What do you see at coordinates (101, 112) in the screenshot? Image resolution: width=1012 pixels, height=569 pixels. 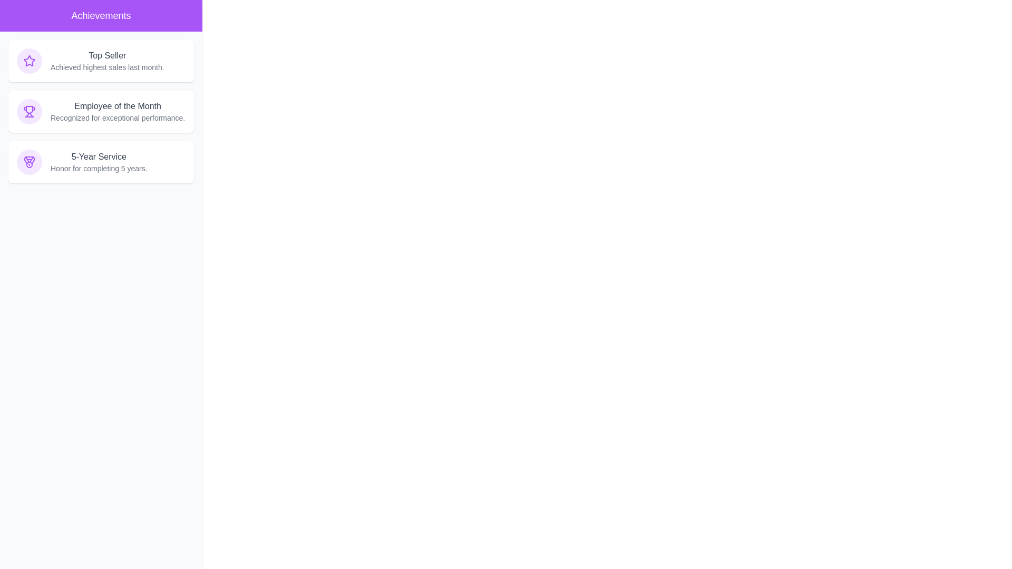 I see `the achievement Employee of the Month from the list` at bounding box center [101, 112].